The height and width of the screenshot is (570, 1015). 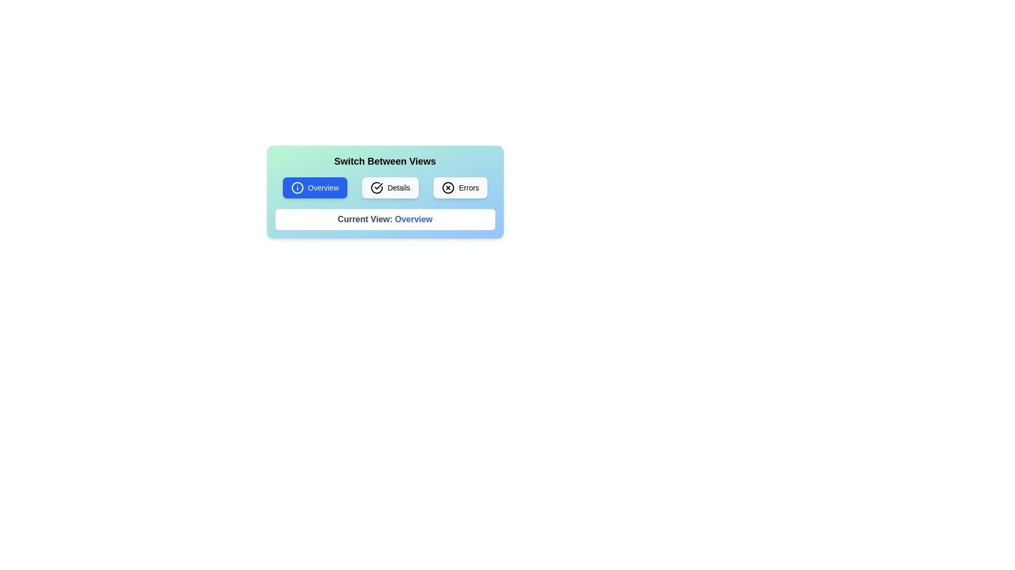 What do you see at coordinates (314, 187) in the screenshot?
I see `the button labeled Overview to observe its hover effect` at bounding box center [314, 187].